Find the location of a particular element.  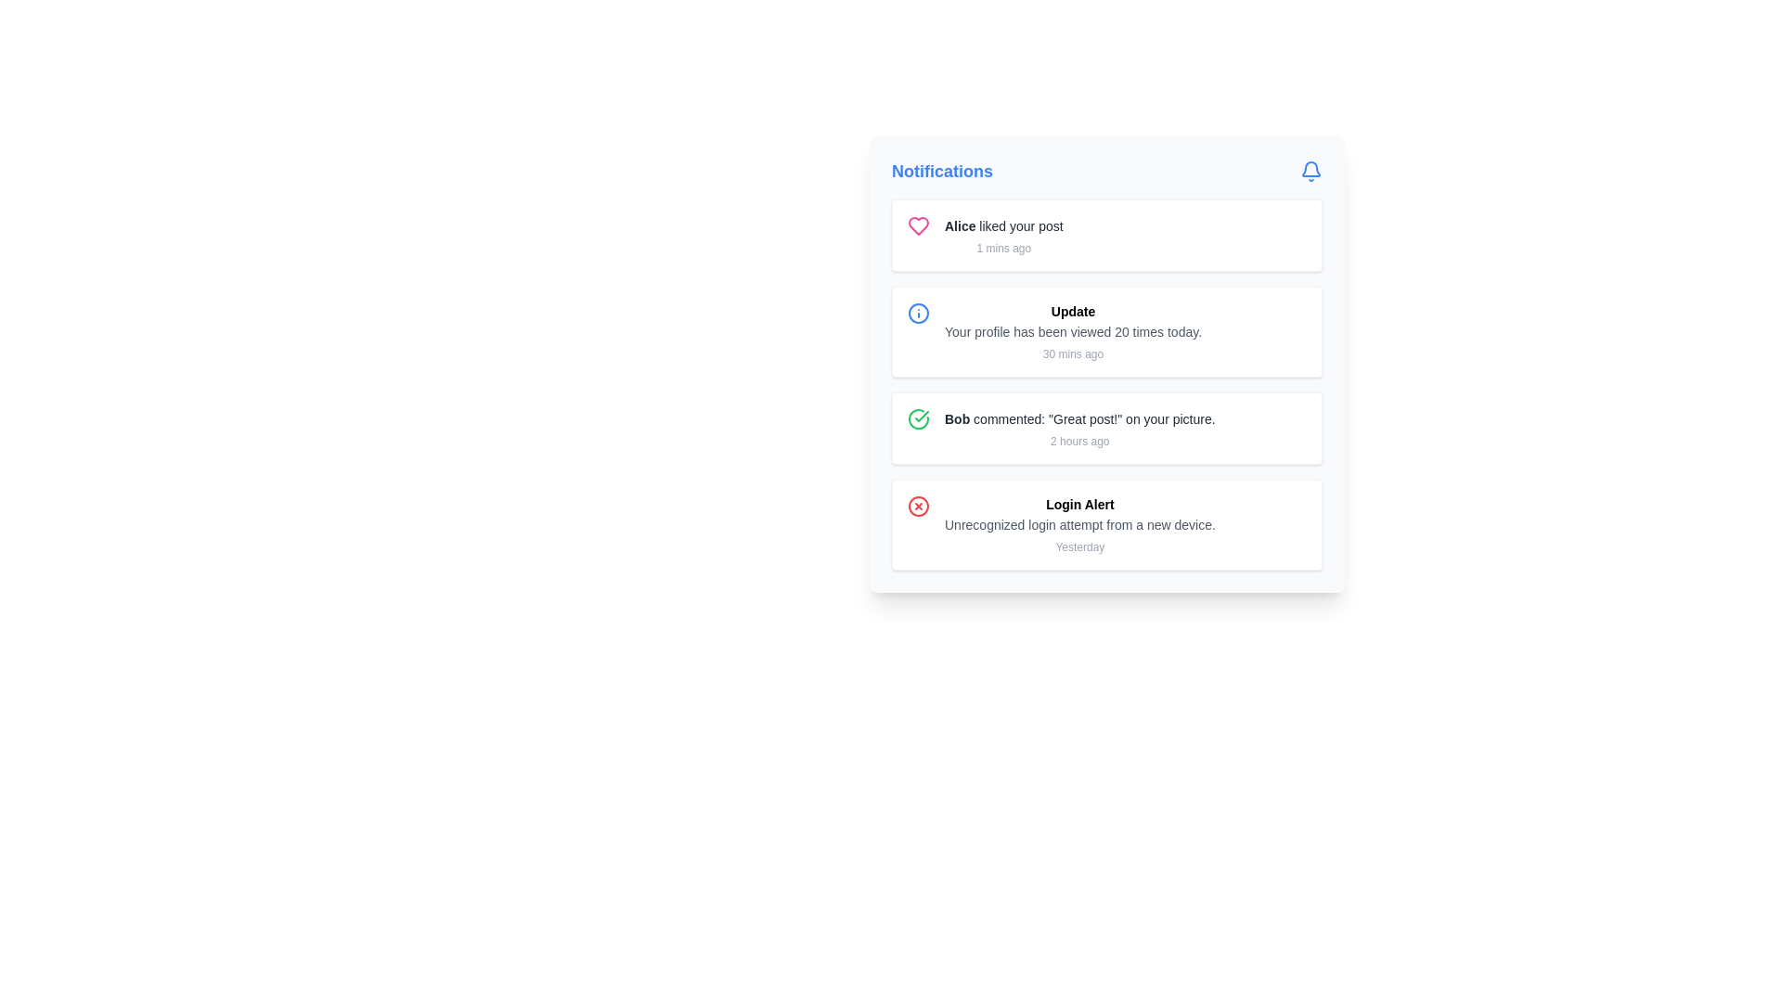

the pink heart-shaped icon located at the top-left corner of the notification card that states 'Alice liked your post 1 mins ago' is located at coordinates (918, 225).